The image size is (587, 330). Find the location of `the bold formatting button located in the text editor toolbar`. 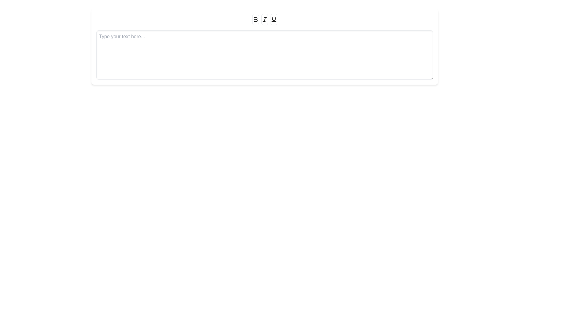

the bold formatting button located in the text editor toolbar is located at coordinates (255, 19).